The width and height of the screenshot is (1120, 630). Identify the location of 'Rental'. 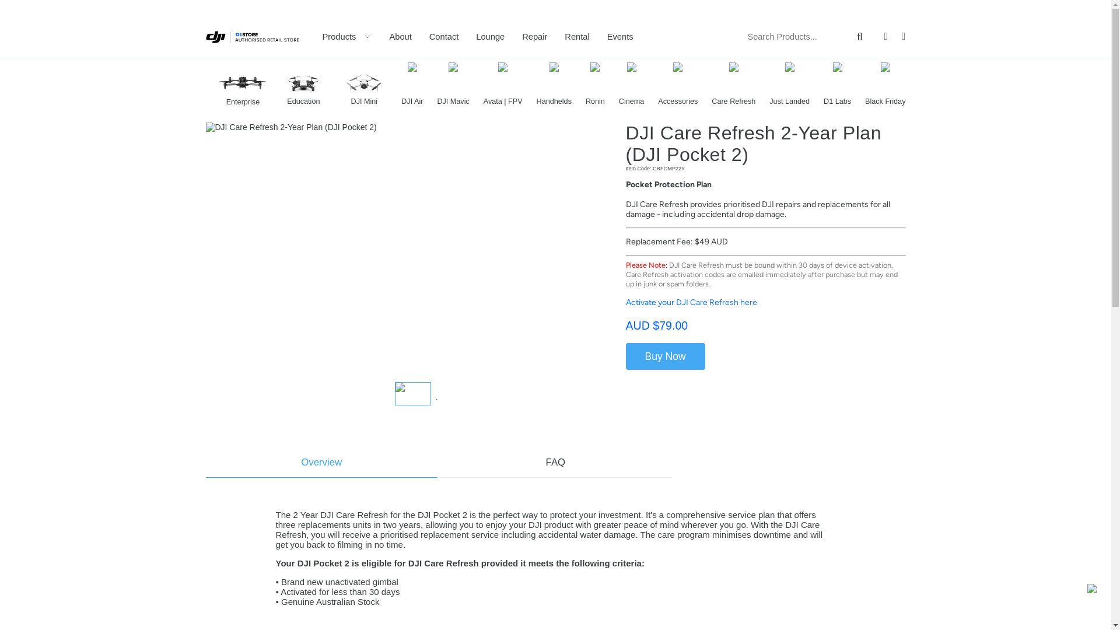
(576, 36).